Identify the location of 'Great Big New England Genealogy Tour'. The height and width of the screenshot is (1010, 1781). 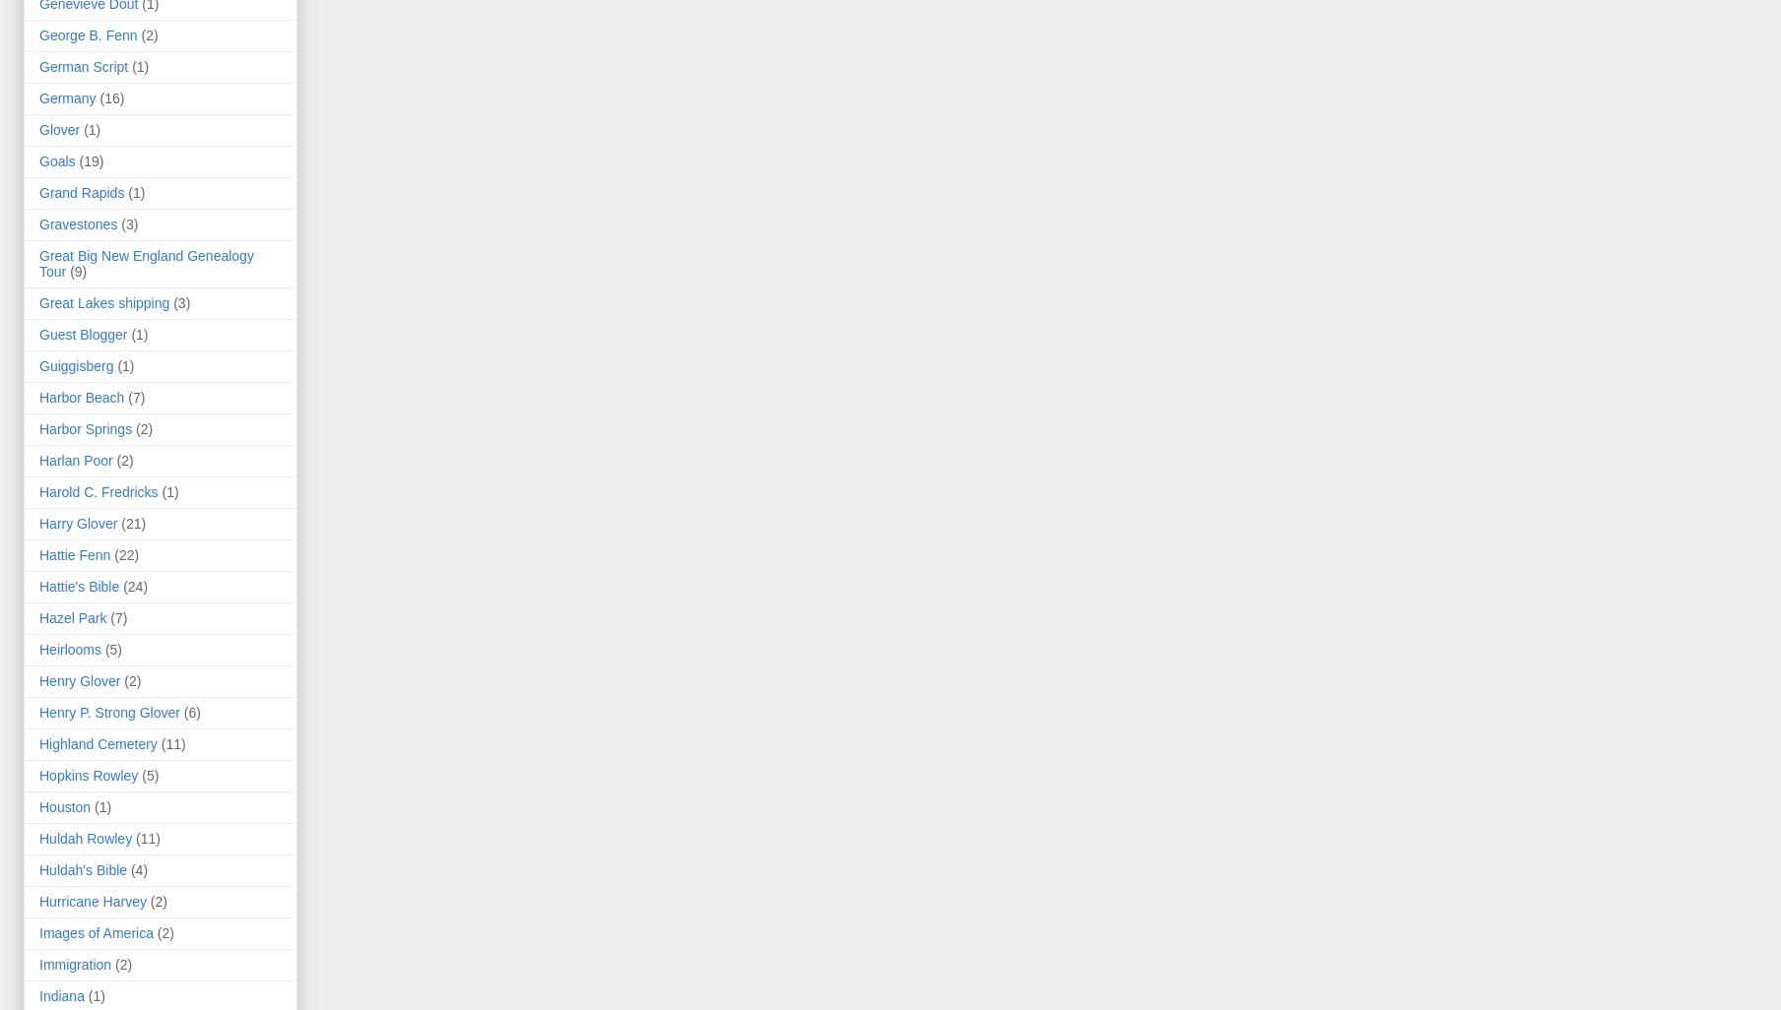
(145, 262).